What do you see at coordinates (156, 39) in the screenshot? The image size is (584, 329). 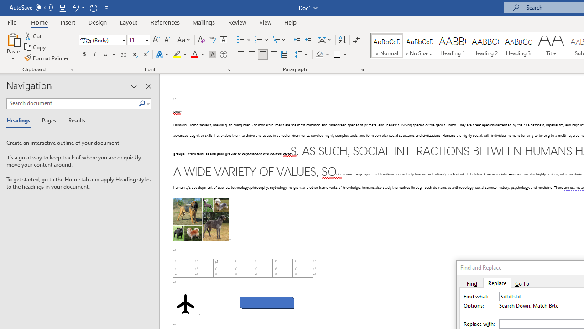 I see `'Grow Font'` at bounding box center [156, 39].